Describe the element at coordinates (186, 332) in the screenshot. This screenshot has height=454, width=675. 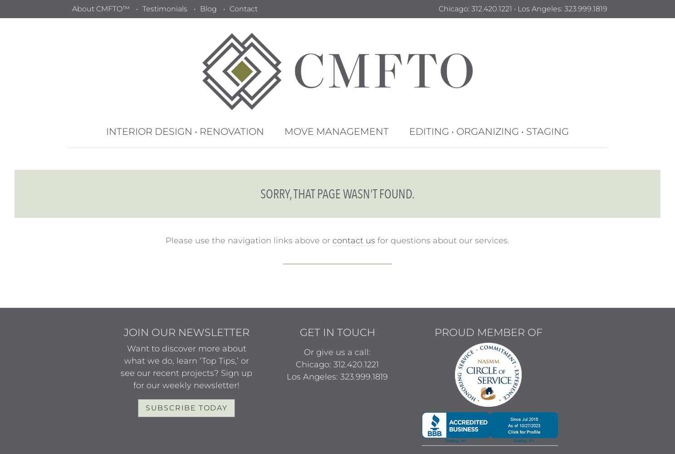
I see `'Join Our Newsletter'` at that location.